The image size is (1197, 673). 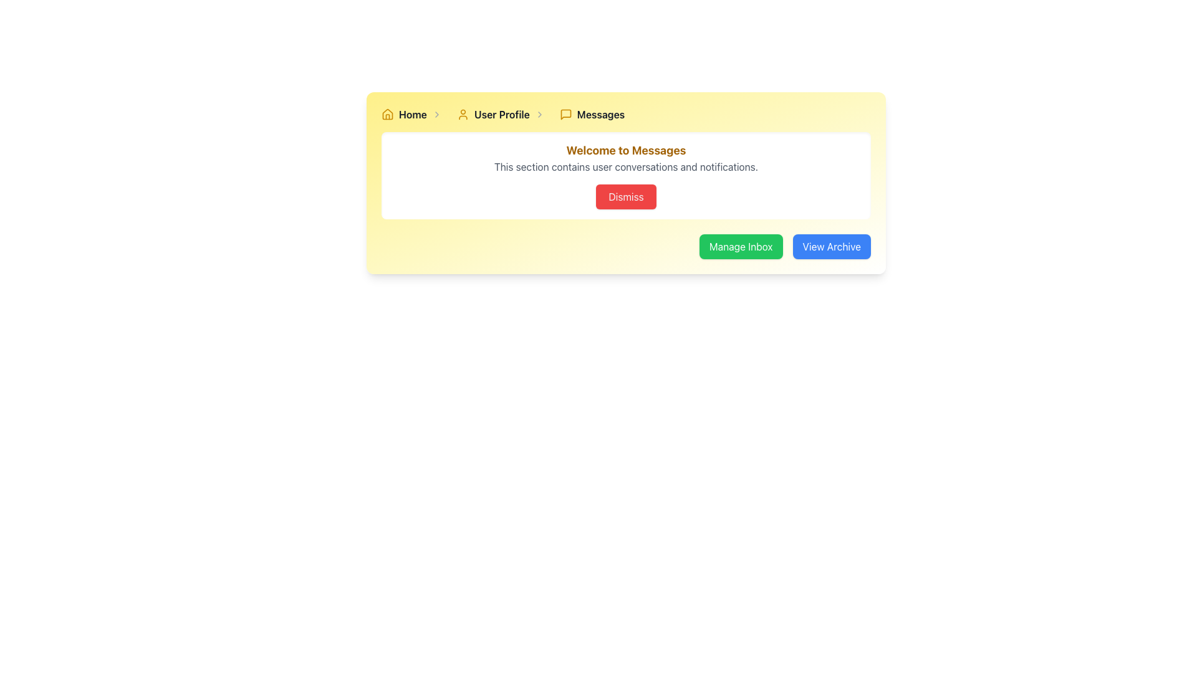 What do you see at coordinates (503, 115) in the screenshot?
I see `the 'User Profile' hyperlink, which is the second clickable text in the breadcrumb list, styled in bold and positioned between 'Home' and 'Messages'` at bounding box center [503, 115].